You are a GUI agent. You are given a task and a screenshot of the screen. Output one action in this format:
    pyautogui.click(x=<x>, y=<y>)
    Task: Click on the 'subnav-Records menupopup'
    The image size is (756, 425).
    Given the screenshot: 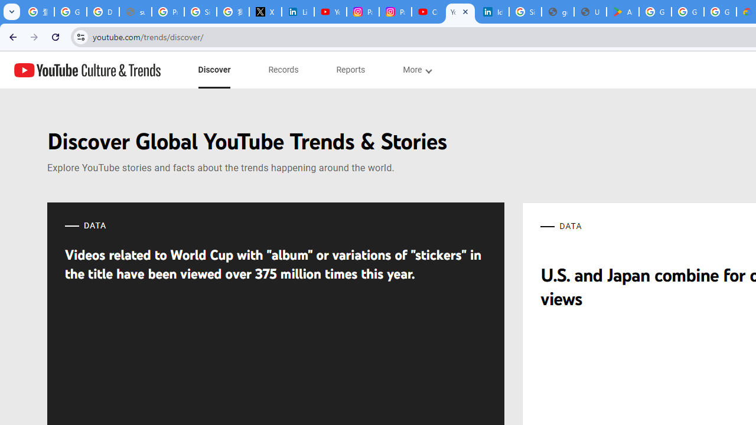 What is the action you would take?
    pyautogui.click(x=283, y=70)
    